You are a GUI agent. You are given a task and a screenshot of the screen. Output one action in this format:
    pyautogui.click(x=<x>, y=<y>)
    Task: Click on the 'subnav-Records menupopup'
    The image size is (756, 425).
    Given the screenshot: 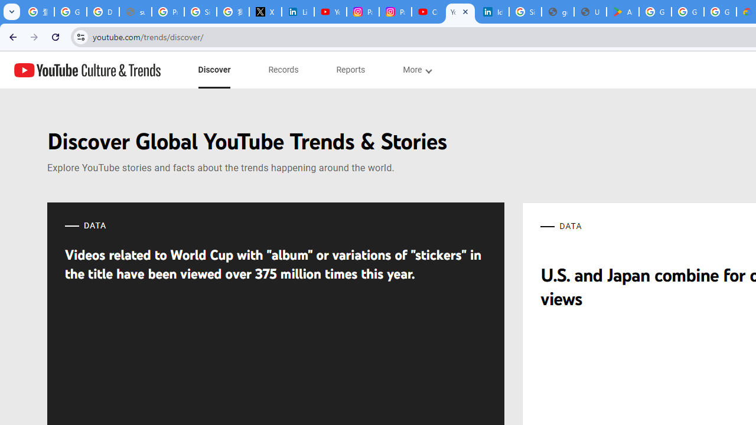 What is the action you would take?
    pyautogui.click(x=283, y=70)
    